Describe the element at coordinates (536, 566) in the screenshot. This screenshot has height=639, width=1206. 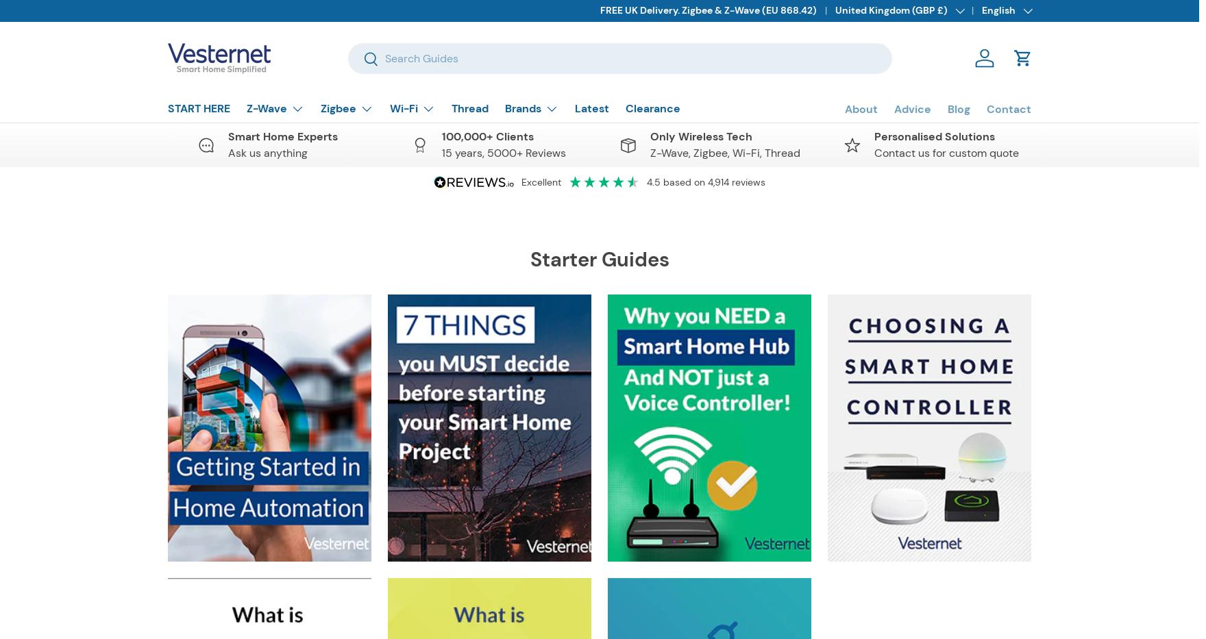
I see `'Heltun'` at that location.